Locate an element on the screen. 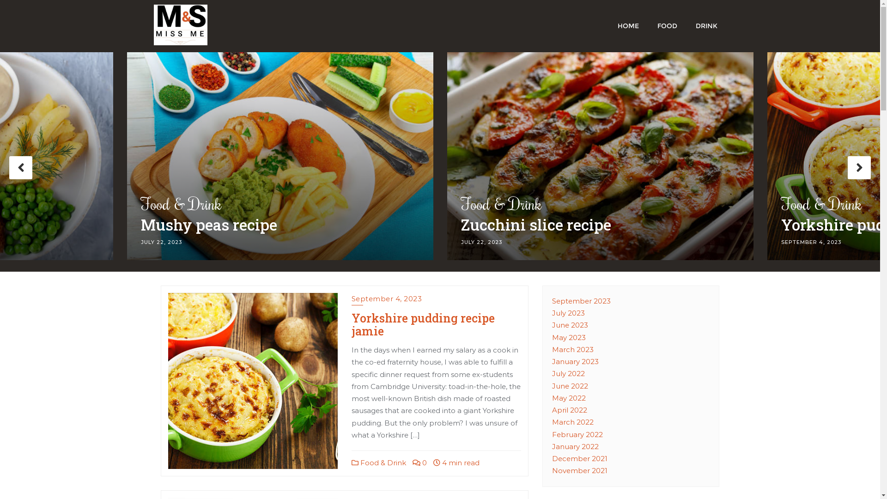 This screenshot has width=887, height=499. 'January 2023' is located at coordinates (575, 361).